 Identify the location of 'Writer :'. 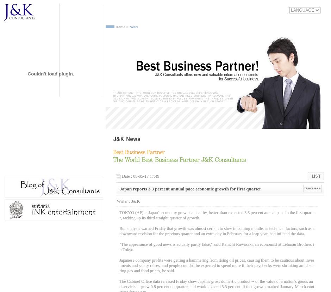
(123, 201).